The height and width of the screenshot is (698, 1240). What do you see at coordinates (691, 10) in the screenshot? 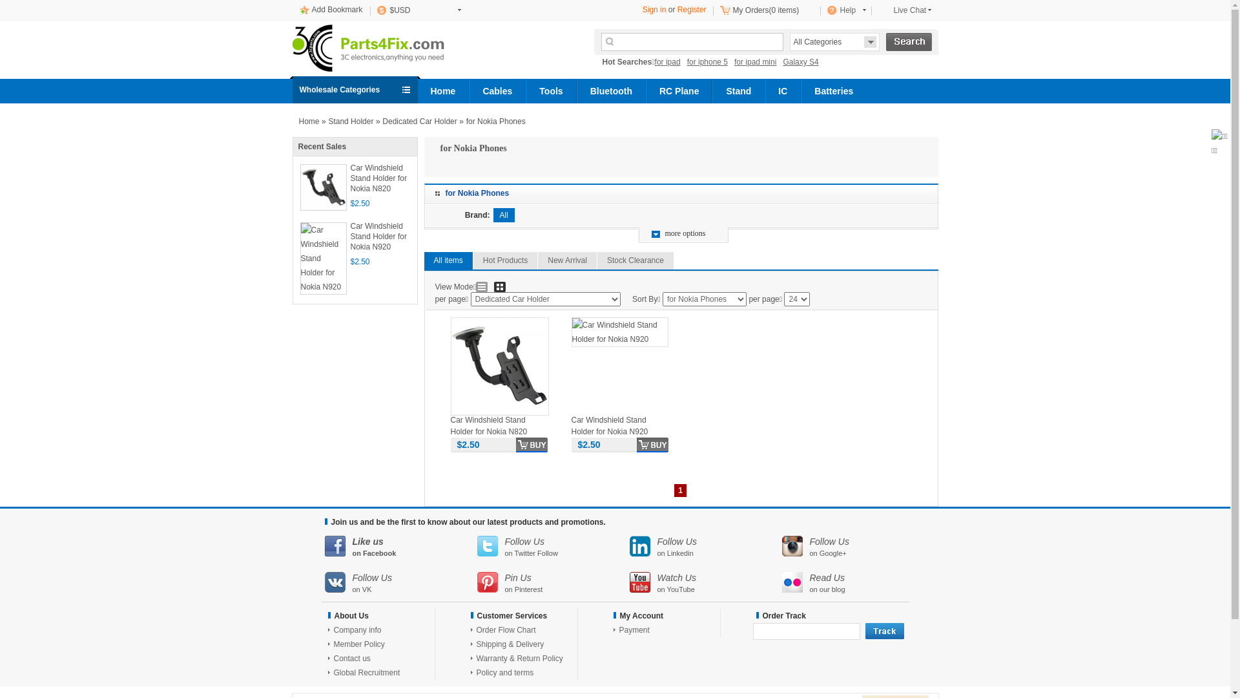
I see `'Register'` at bounding box center [691, 10].